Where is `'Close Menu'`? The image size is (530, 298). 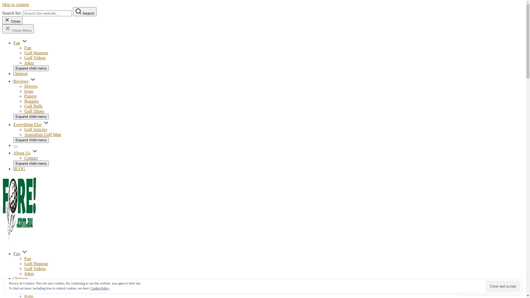
'Close Menu' is located at coordinates (18, 29).